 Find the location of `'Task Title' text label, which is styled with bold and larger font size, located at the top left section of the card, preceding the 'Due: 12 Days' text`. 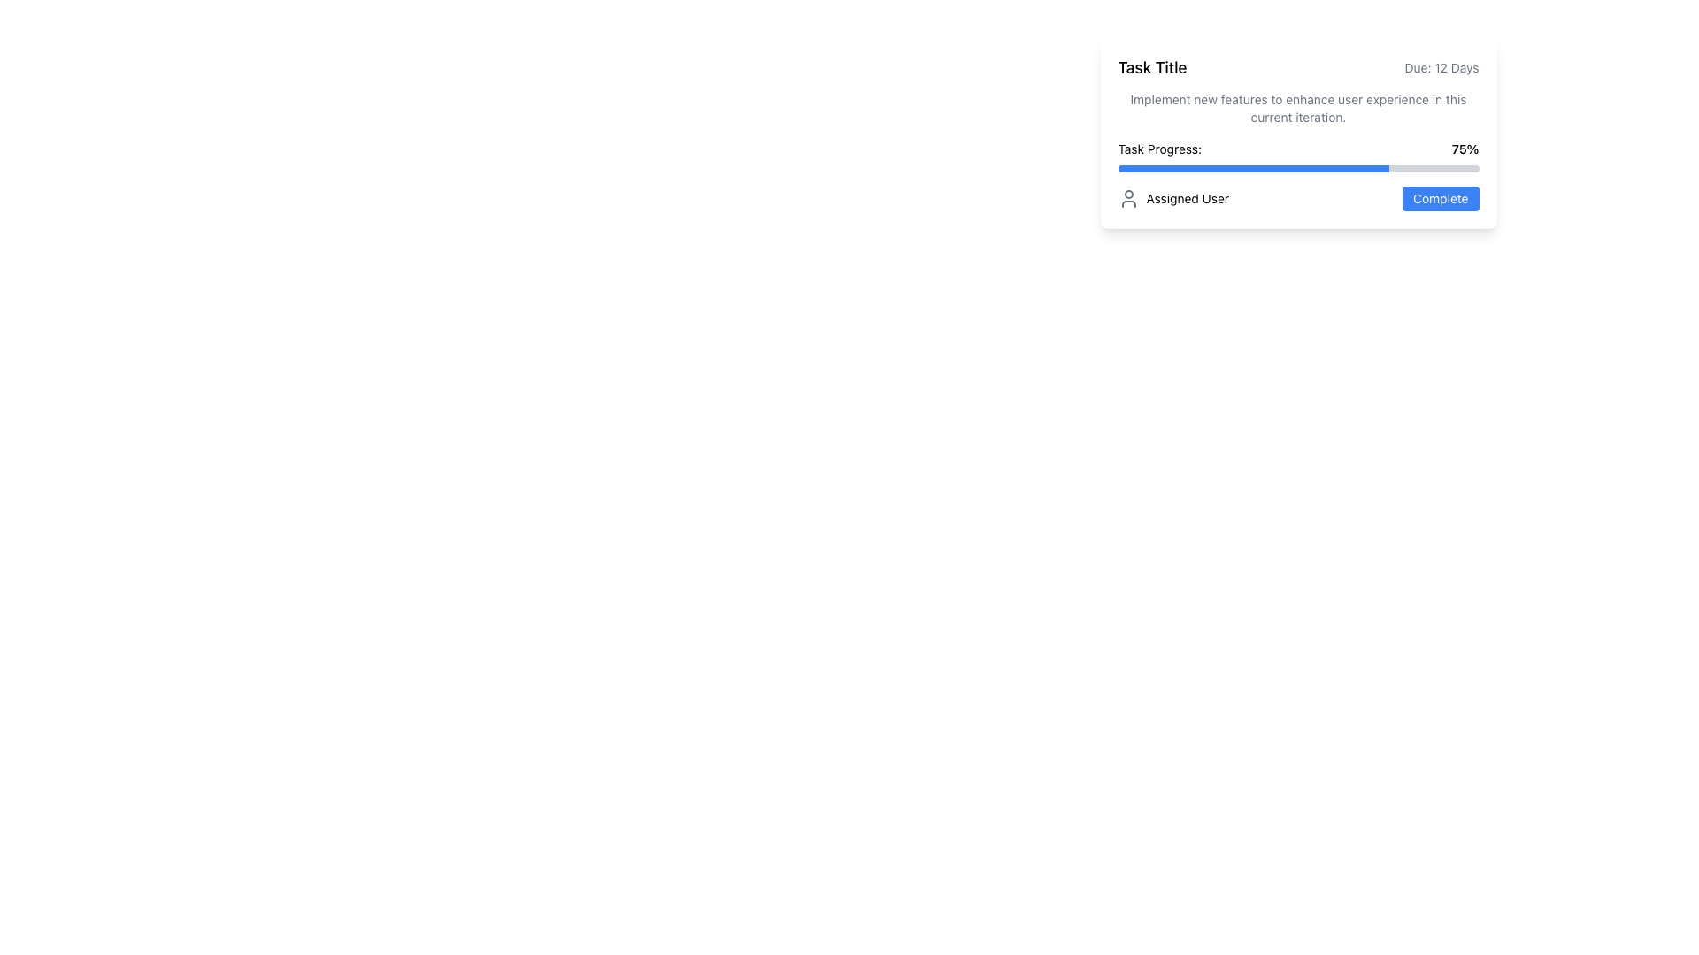

'Task Title' text label, which is styled with bold and larger font size, located at the top left section of the card, preceding the 'Due: 12 Days' text is located at coordinates (1152, 67).